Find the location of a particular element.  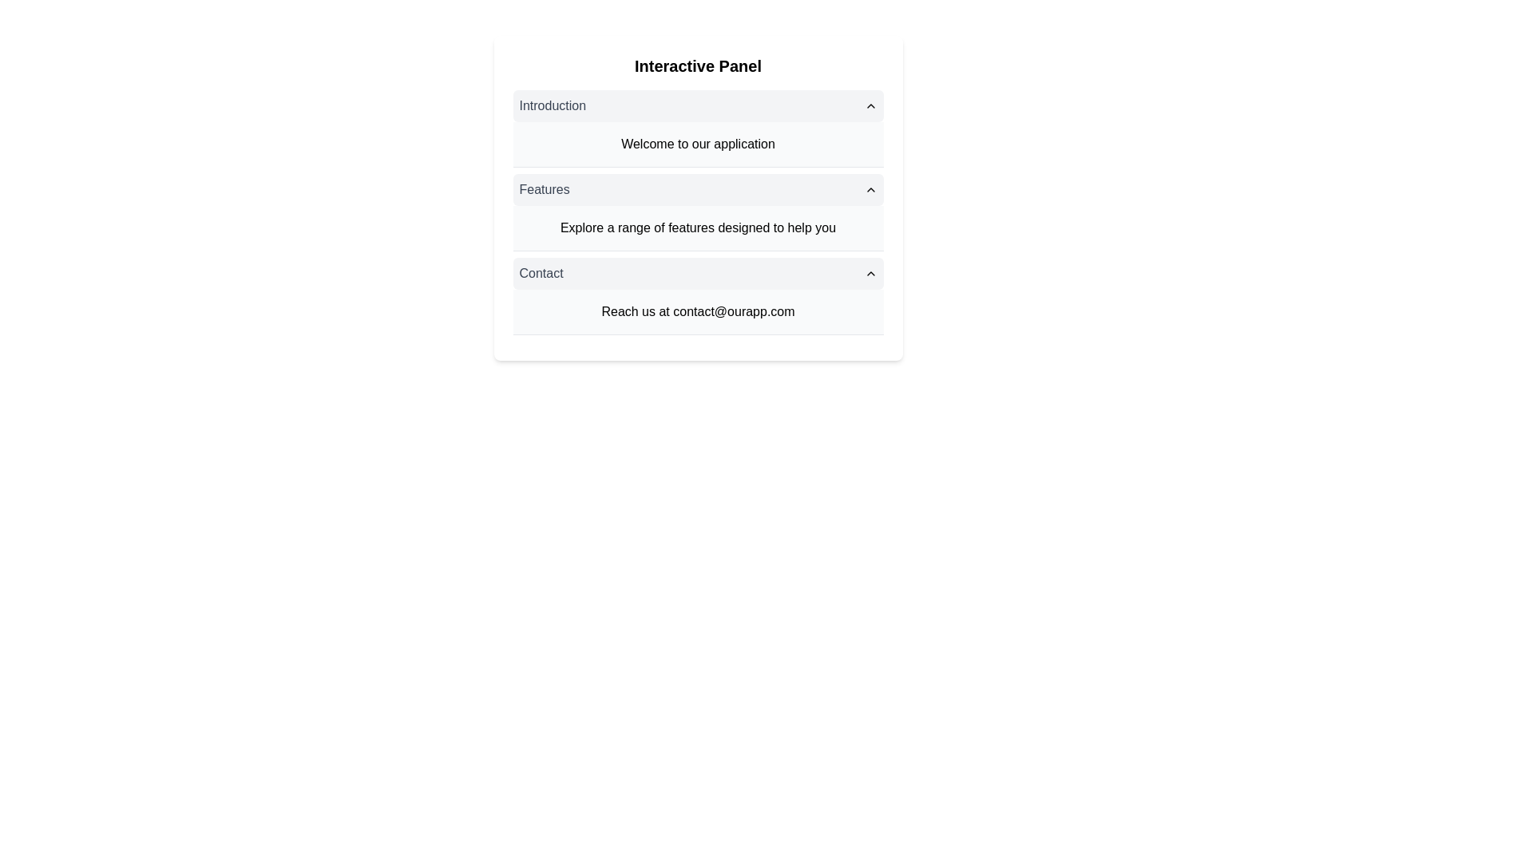

the upward-facing chevron icon with a thin black stroke located at the far right of the gray 'Features' section is located at coordinates (869, 189).